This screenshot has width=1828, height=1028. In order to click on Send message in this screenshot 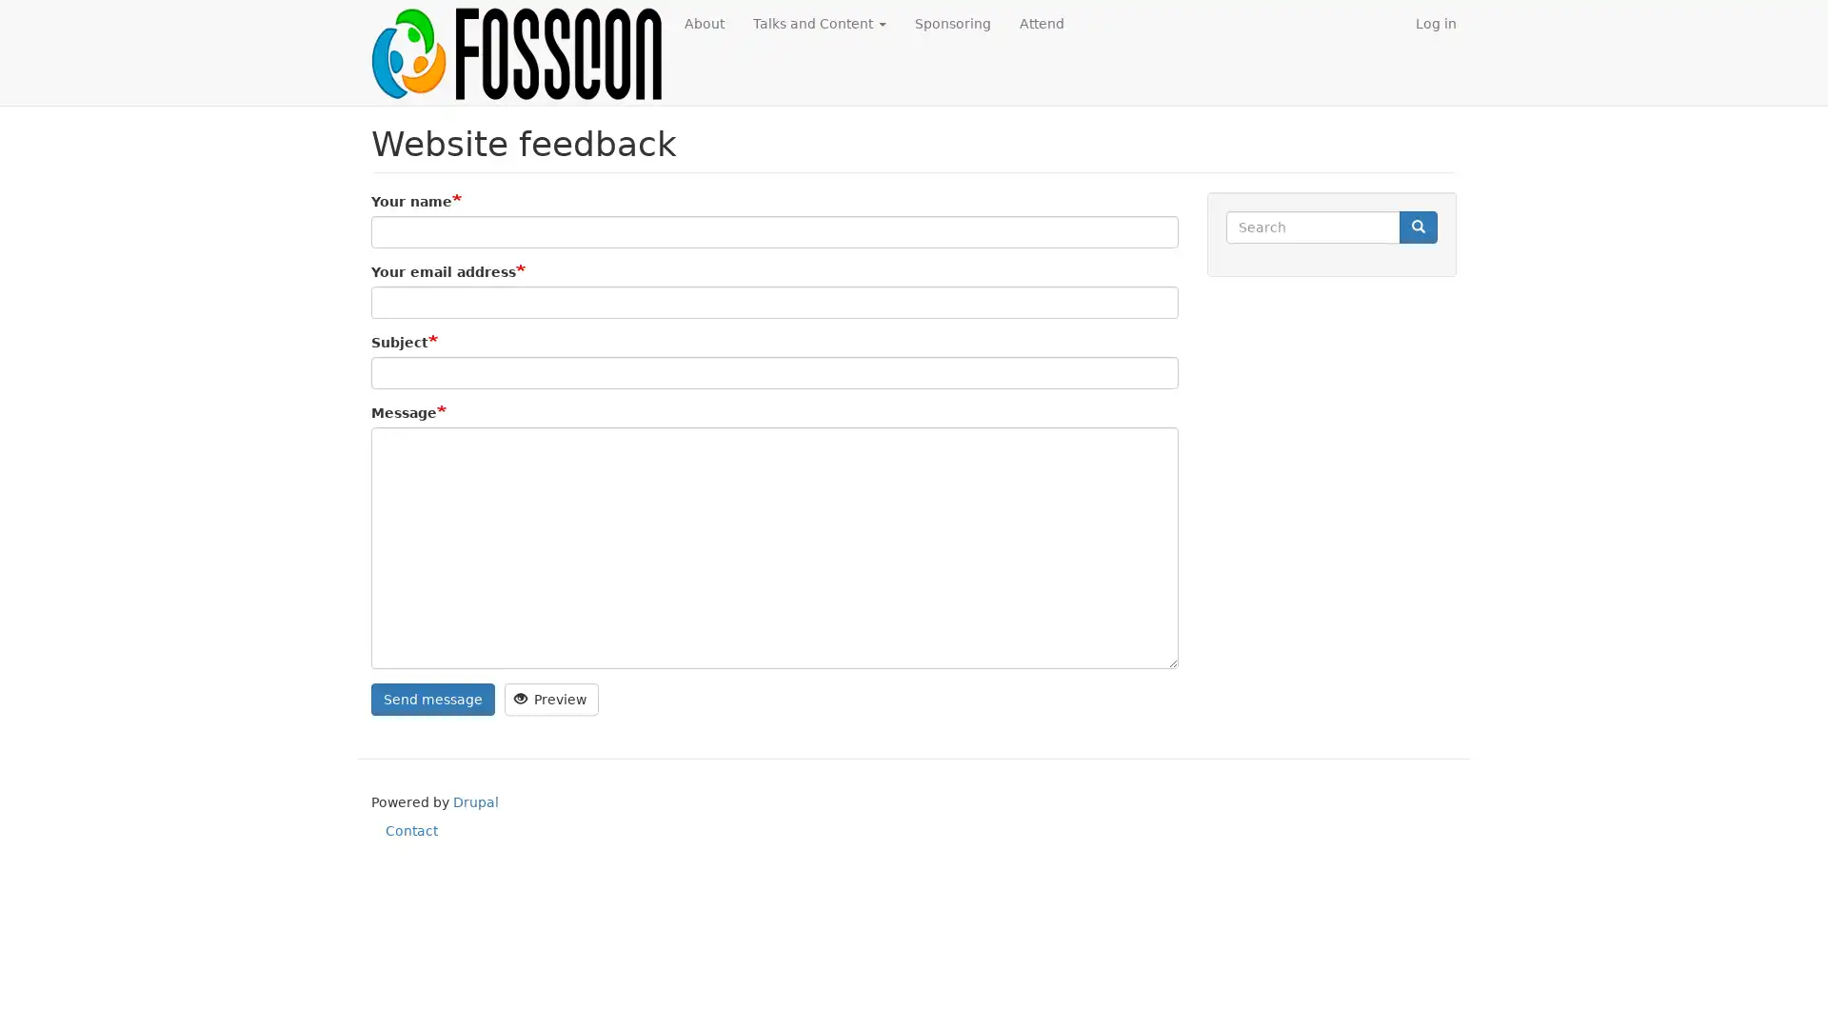, I will do `click(432, 698)`.